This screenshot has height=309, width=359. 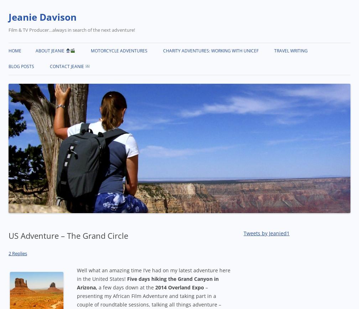 I want to click on 'Film & TV Producer…always in search of the next adventure!', so click(x=72, y=30).